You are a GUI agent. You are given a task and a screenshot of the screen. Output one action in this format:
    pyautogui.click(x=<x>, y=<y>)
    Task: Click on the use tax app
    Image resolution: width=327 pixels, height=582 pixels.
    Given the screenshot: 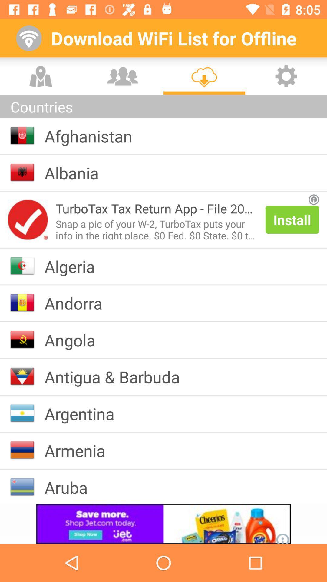 What is the action you would take?
    pyautogui.click(x=28, y=219)
    